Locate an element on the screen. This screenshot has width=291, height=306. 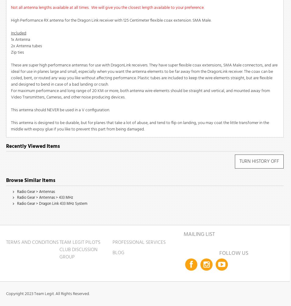
'This antenna should NEVER be used in a V configuration.' is located at coordinates (60, 110).